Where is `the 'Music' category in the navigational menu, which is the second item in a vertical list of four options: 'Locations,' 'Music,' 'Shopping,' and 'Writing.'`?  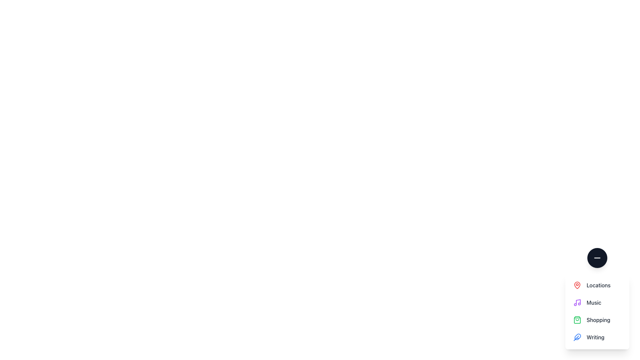 the 'Music' category in the navigational menu, which is the second item in a vertical list of four options: 'Locations,' 'Music,' 'Shopping,' and 'Writing.' is located at coordinates (597, 298).